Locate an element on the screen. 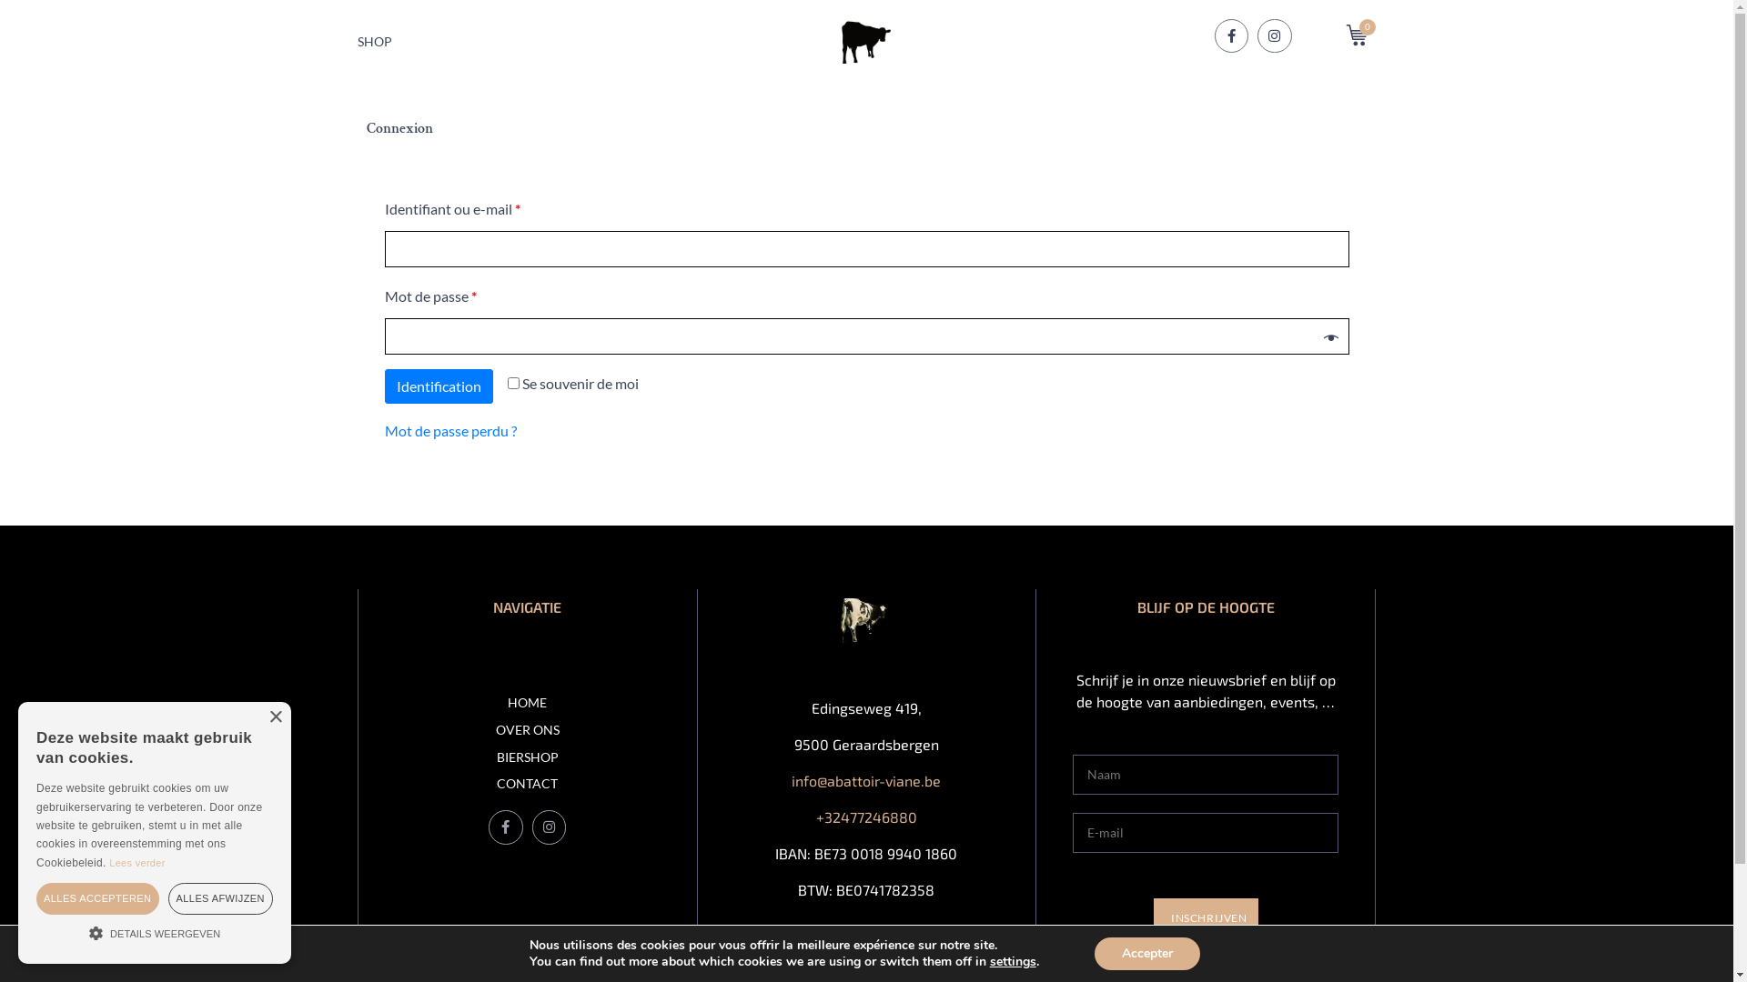 This screenshot has width=1747, height=982. 'info@abattoir-viane.be' is located at coordinates (864, 779).